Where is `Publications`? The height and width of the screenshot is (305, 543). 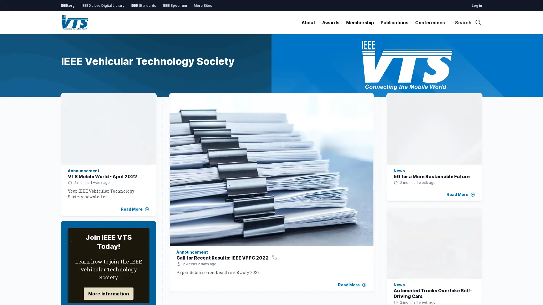
Publications is located at coordinates (394, 22).